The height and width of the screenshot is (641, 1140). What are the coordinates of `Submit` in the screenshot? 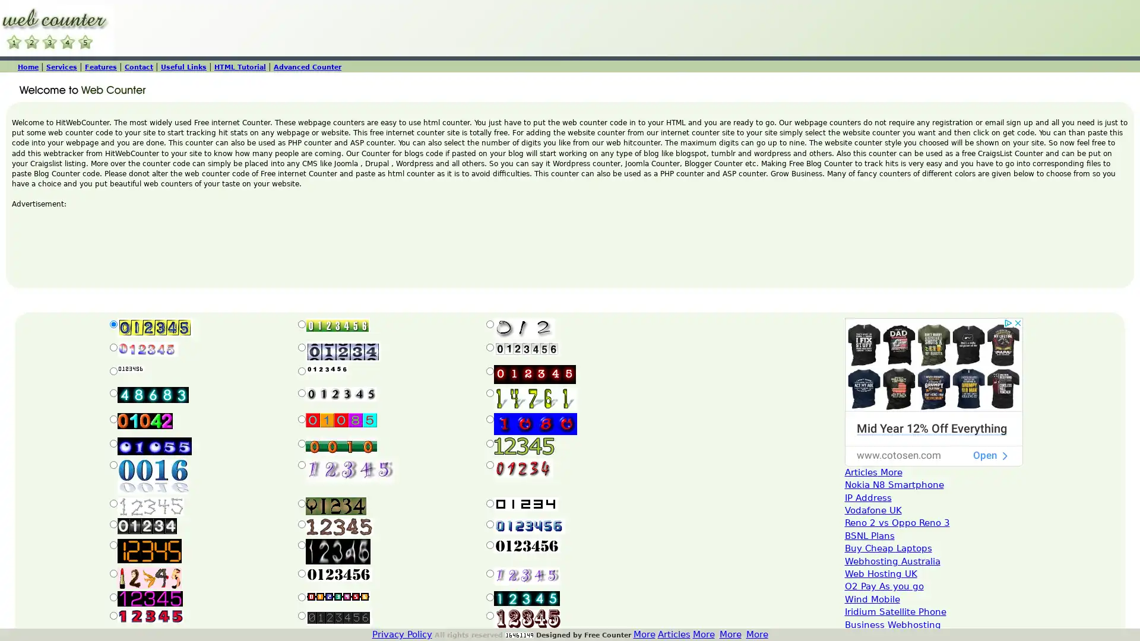 It's located at (337, 551).